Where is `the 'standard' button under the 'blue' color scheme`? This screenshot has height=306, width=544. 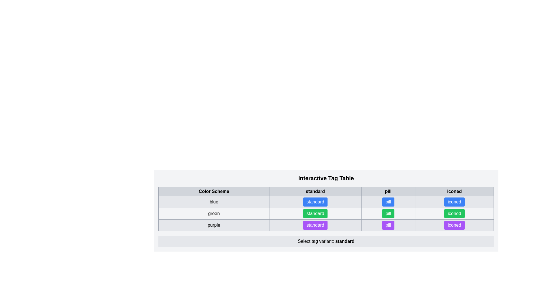
the 'standard' button under the 'blue' color scheme is located at coordinates (315, 202).